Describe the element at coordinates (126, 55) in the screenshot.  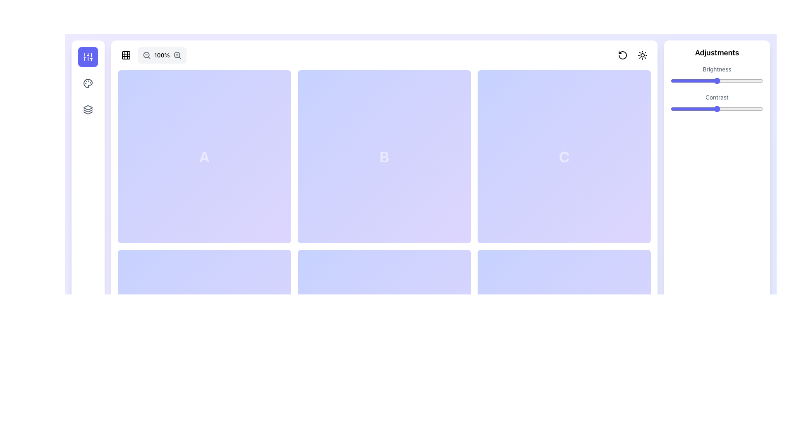
I see `the decorative SVG rectangle that represents the 'grid view' functionality, located near the top-left corner of the interface` at that location.